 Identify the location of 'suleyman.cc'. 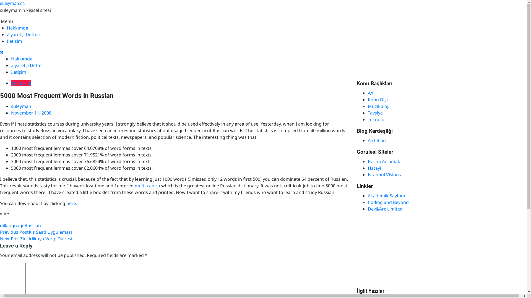
(12, 3).